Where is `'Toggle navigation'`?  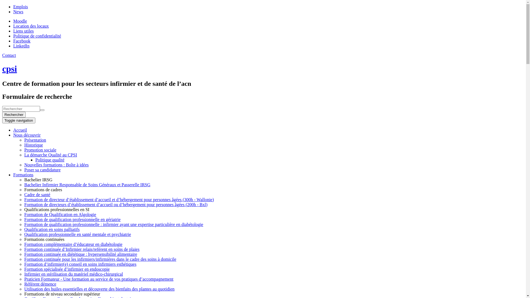 'Toggle navigation' is located at coordinates (18, 120).